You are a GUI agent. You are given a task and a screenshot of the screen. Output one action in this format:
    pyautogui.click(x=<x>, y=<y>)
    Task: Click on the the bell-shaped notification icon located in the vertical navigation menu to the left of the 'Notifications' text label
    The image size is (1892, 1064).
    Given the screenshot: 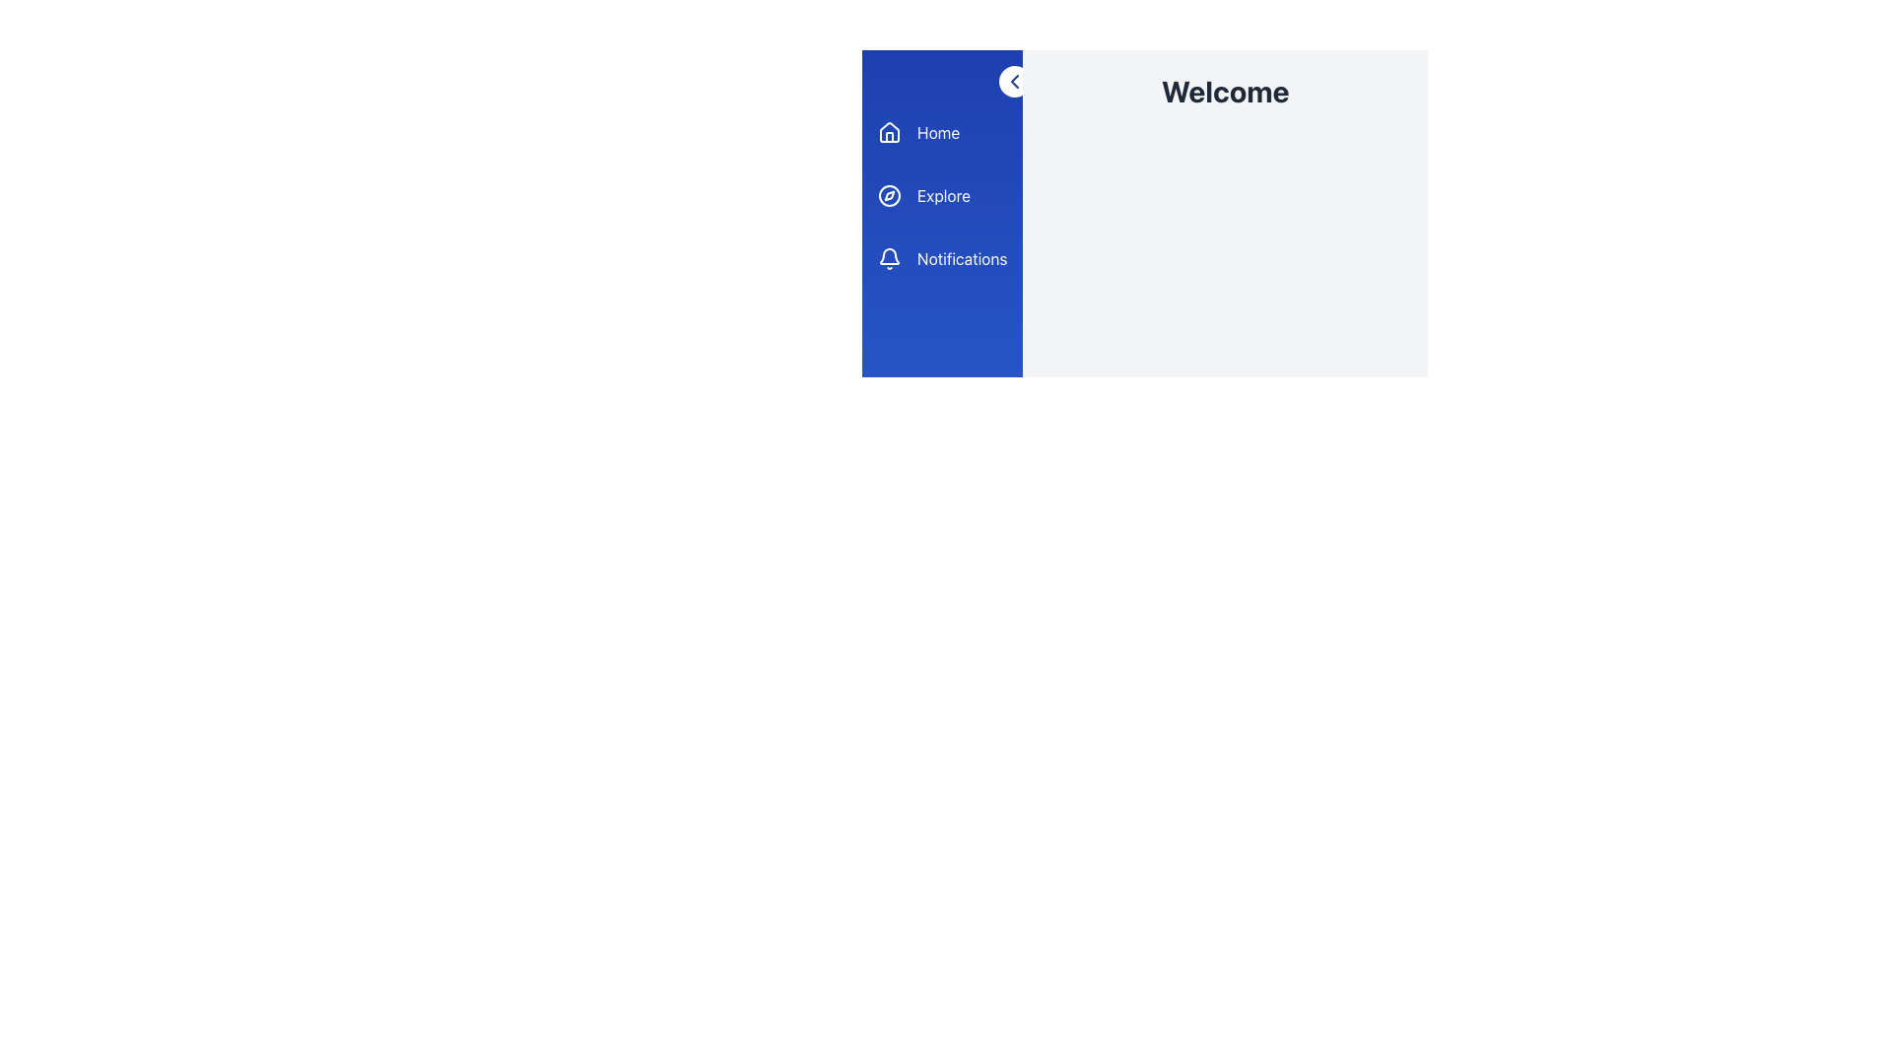 What is the action you would take?
    pyautogui.click(x=888, y=257)
    